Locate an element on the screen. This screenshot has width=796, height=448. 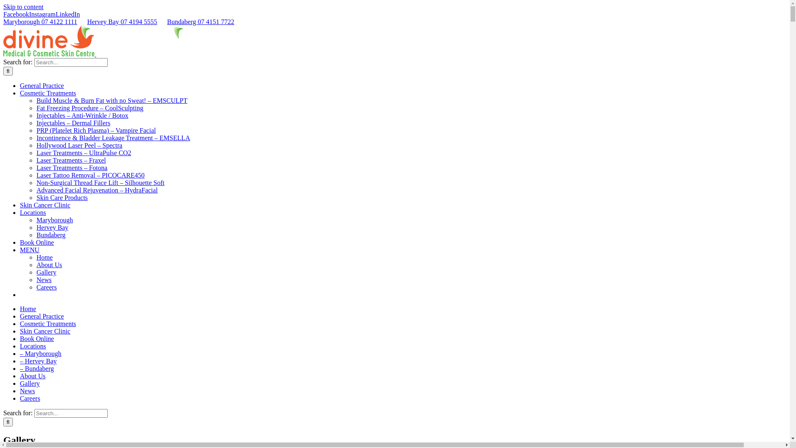
'Maryborough 07 4122 1111' is located at coordinates (39, 21).